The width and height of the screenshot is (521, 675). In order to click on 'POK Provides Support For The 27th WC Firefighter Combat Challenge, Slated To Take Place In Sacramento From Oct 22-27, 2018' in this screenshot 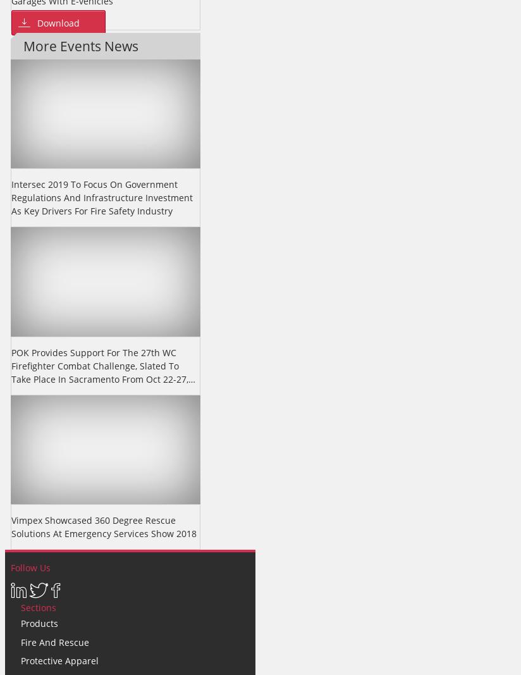, I will do `click(10, 372)`.